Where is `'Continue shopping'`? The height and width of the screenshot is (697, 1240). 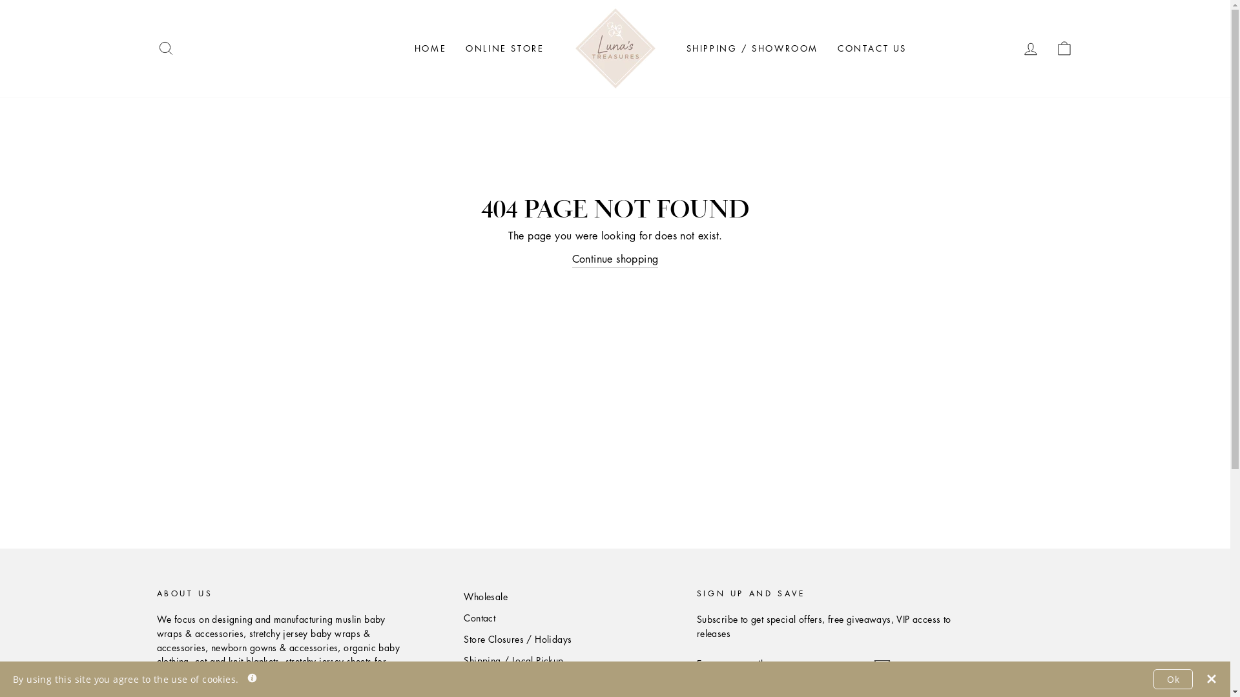 'Continue shopping' is located at coordinates (572, 259).